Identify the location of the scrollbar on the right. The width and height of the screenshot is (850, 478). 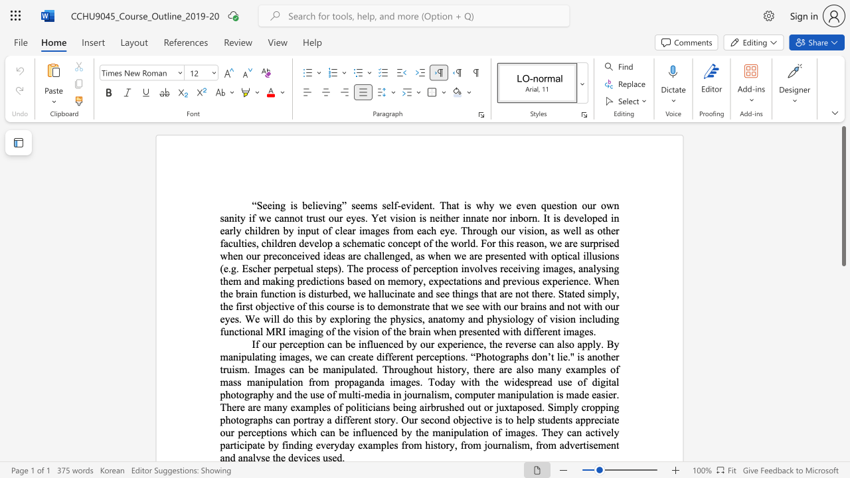
(843, 390).